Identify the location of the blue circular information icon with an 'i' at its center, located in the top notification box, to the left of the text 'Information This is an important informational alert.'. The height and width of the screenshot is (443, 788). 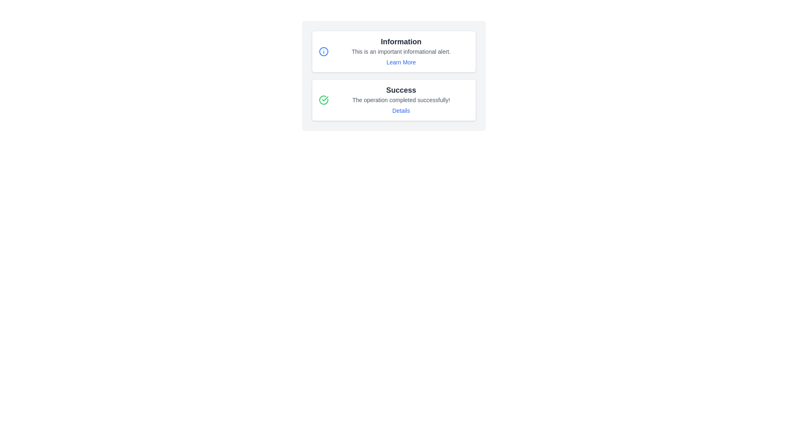
(323, 52).